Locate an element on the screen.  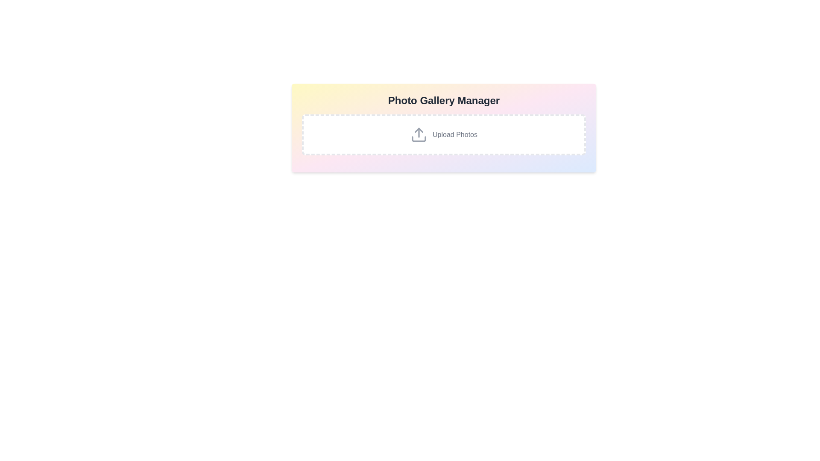
the triangular SVG component that is part of the upload icon, which is colored gray and points upwards is located at coordinates (419, 130).